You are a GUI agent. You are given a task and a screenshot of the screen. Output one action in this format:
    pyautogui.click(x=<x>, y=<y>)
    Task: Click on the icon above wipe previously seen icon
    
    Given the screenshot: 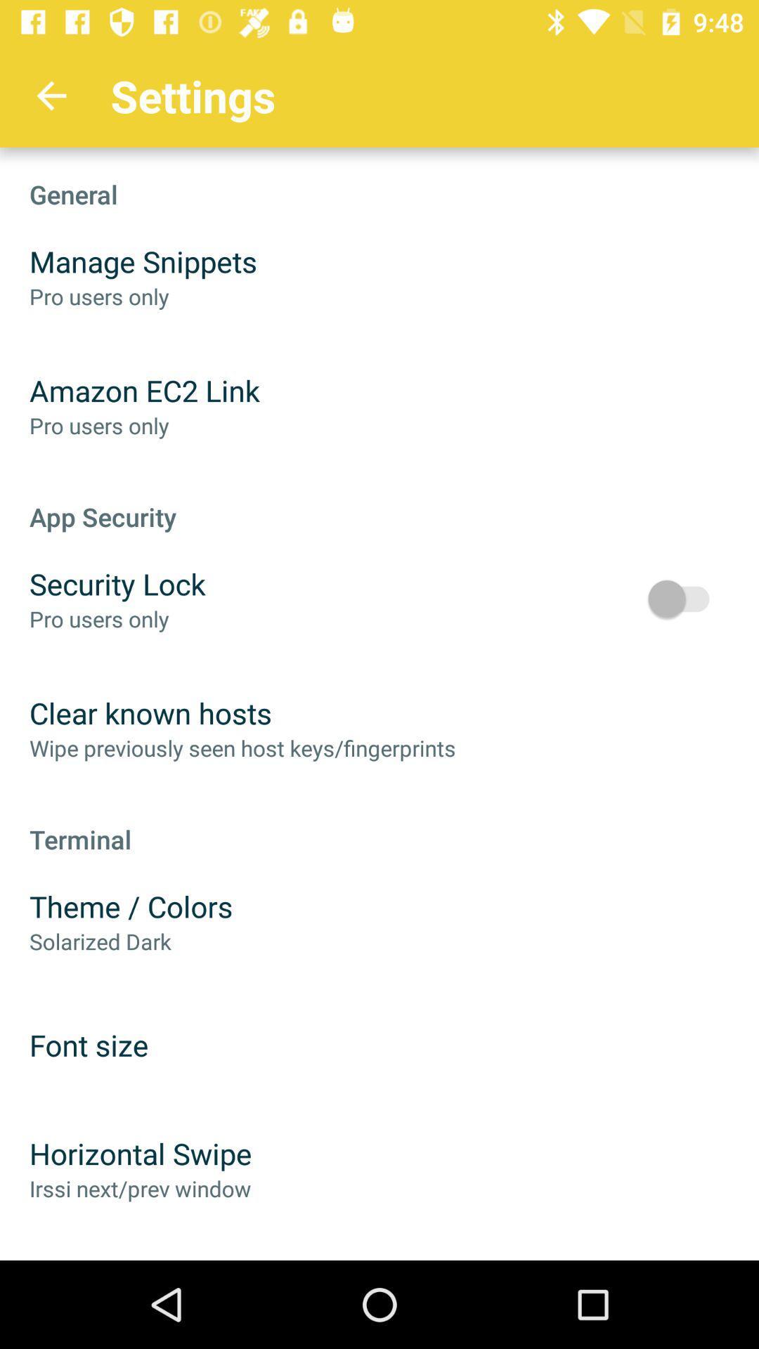 What is the action you would take?
    pyautogui.click(x=150, y=712)
    